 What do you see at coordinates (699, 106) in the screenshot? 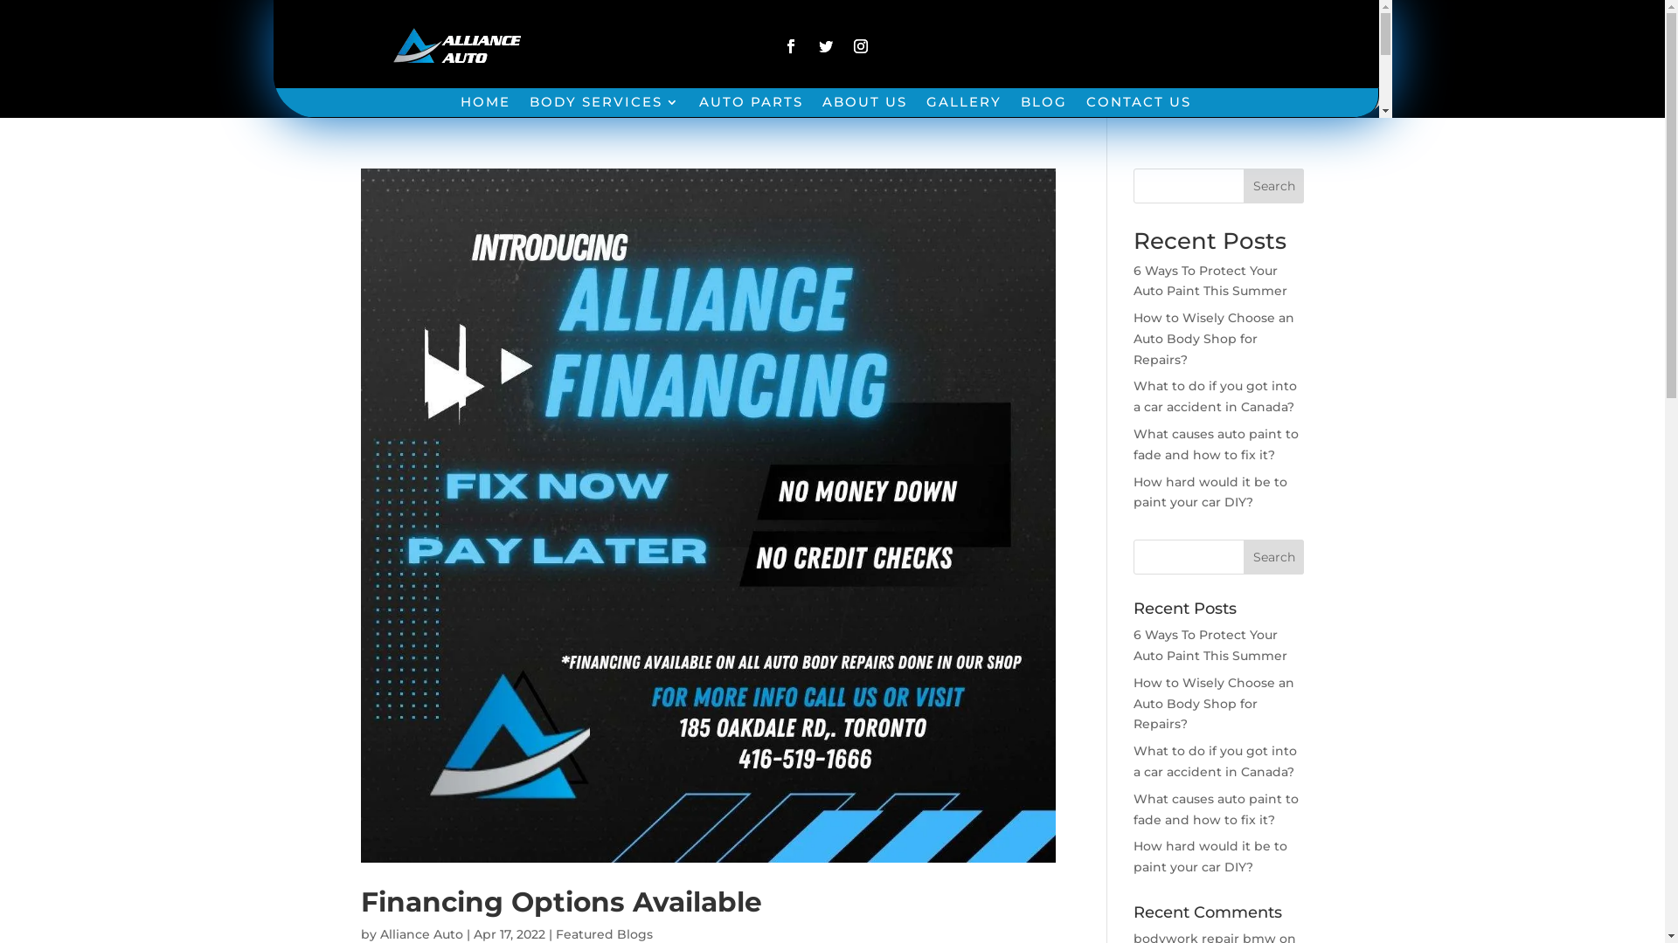
I see `'AUTO PARTS'` at bounding box center [699, 106].